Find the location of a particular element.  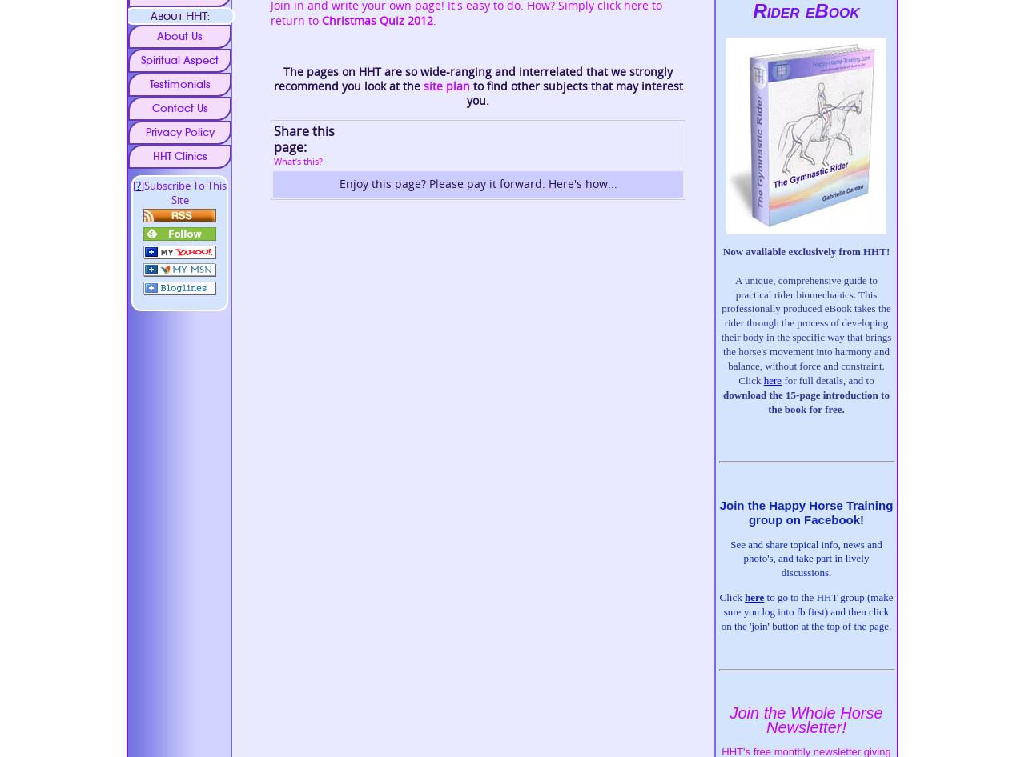

'Would you prefer to share this page with others by linking to it?' is located at coordinates (448, 208).